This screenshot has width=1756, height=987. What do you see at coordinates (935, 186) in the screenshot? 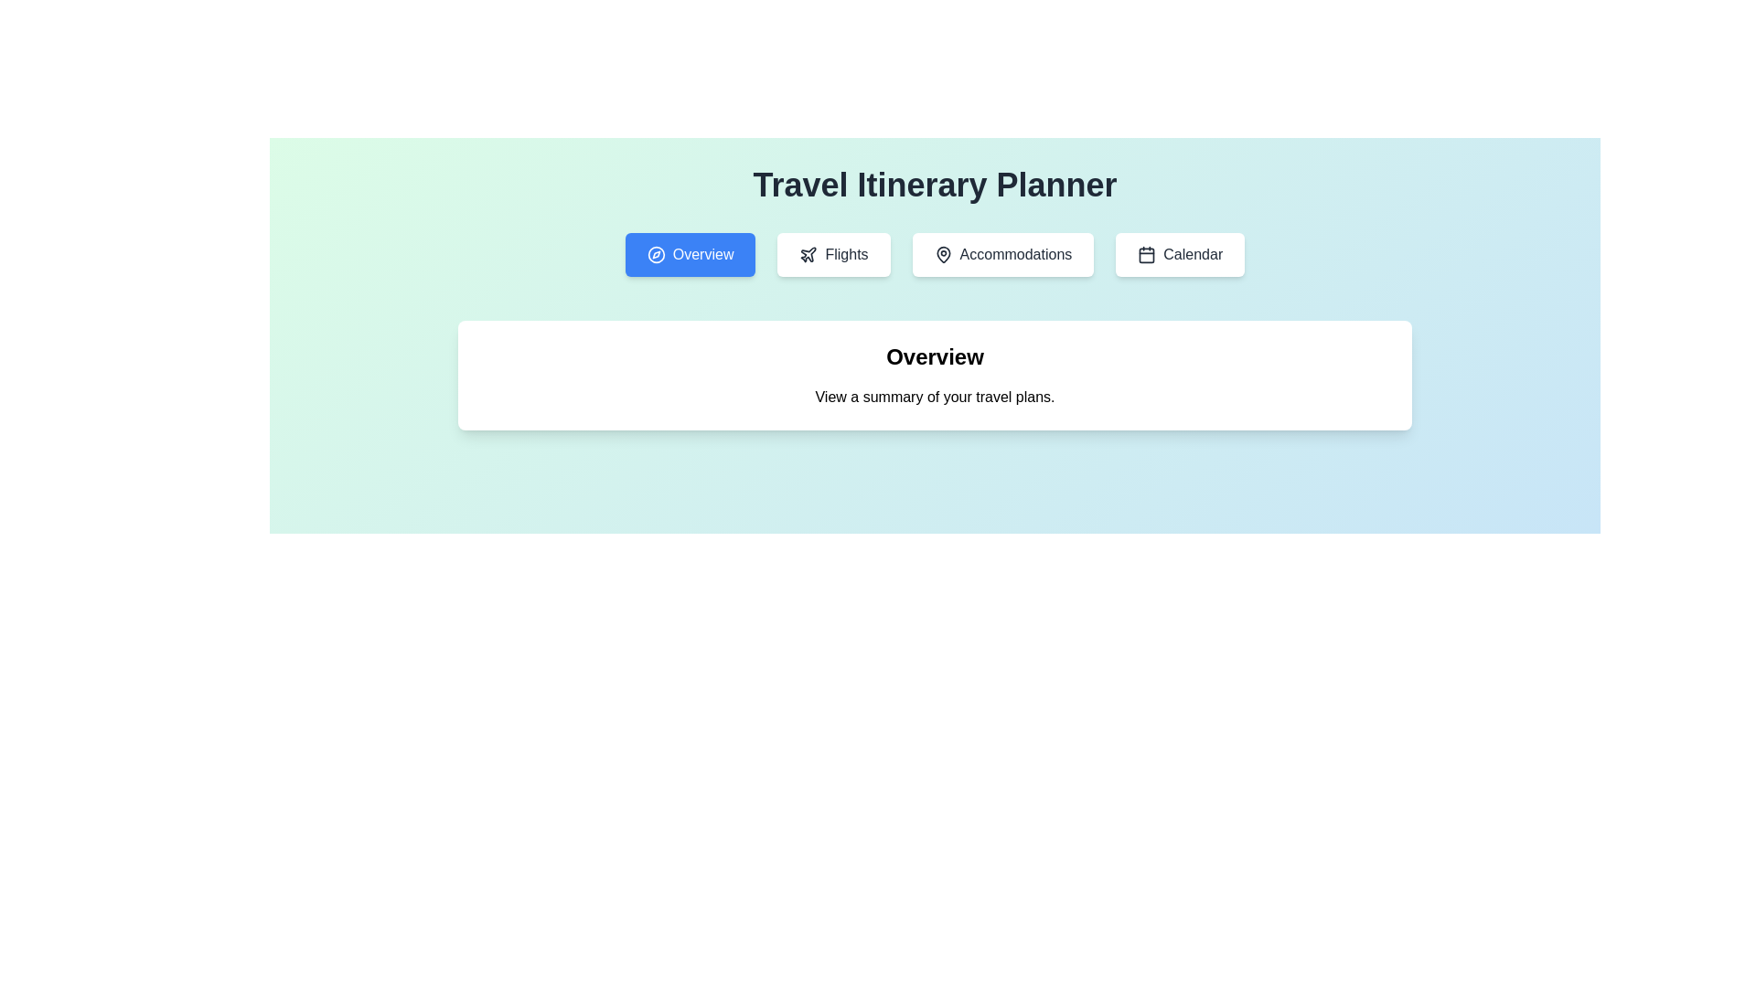
I see `the text label 'Travel Itinerary Planner' which is styled in bold, large dark gray letters and is centered at the top of the interface` at bounding box center [935, 186].